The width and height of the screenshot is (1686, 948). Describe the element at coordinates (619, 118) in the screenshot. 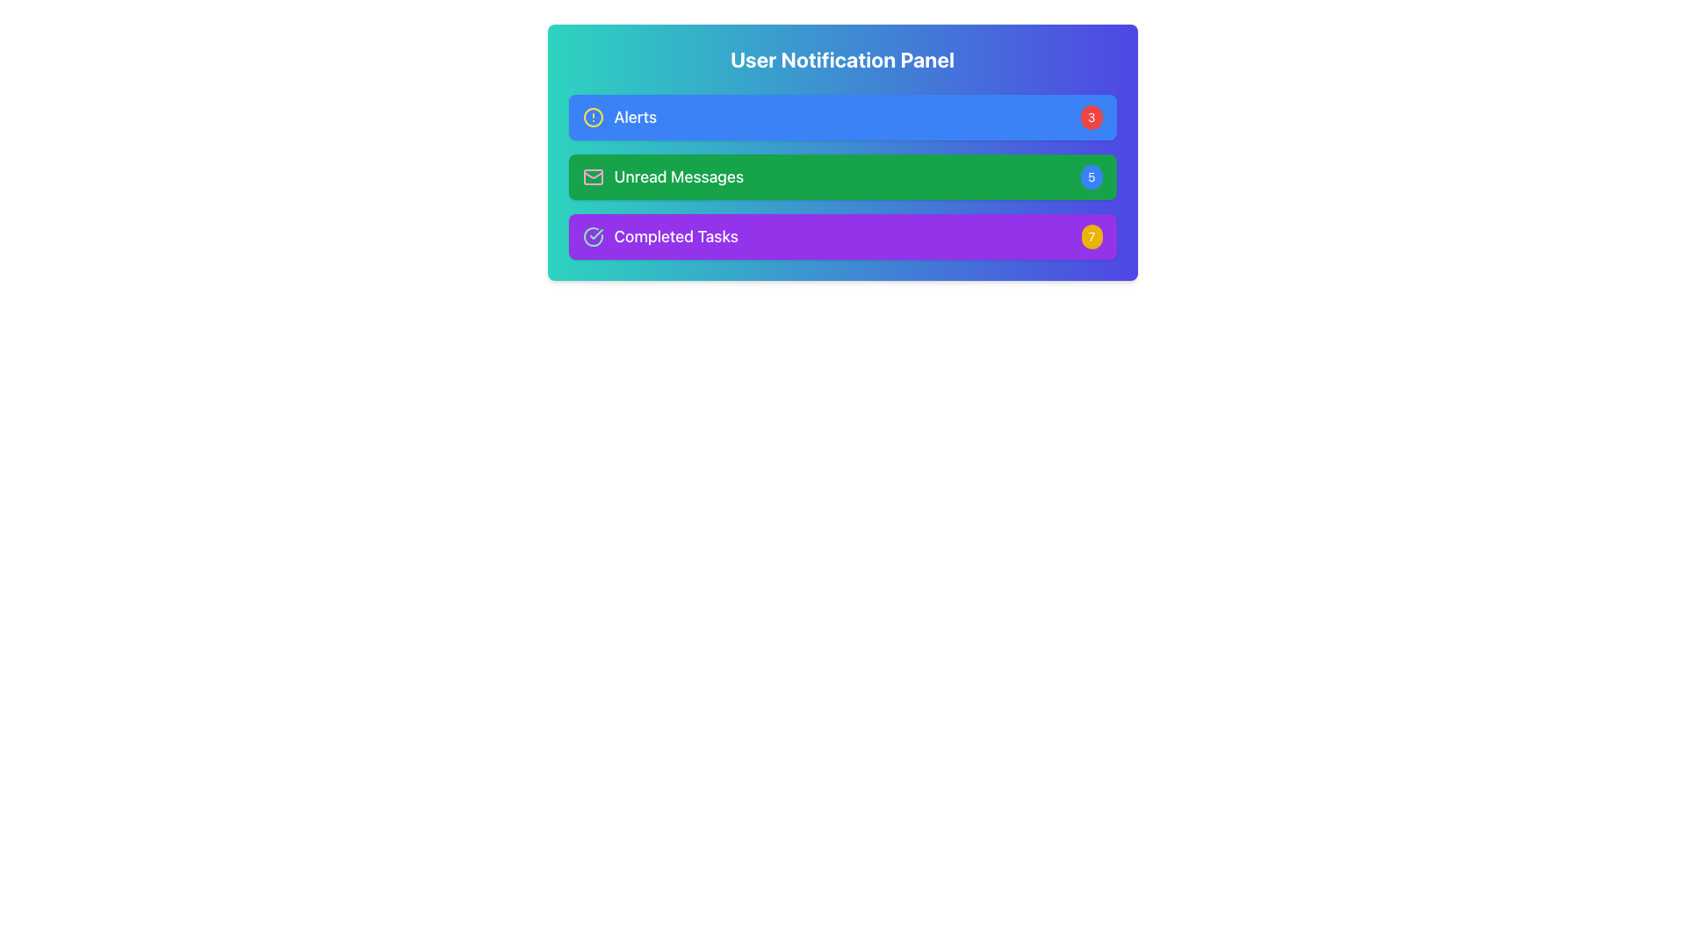

I see `text of the Label with icon located in the top section of the notification panel, to the left of the red badge indicating a count of '3'` at that location.